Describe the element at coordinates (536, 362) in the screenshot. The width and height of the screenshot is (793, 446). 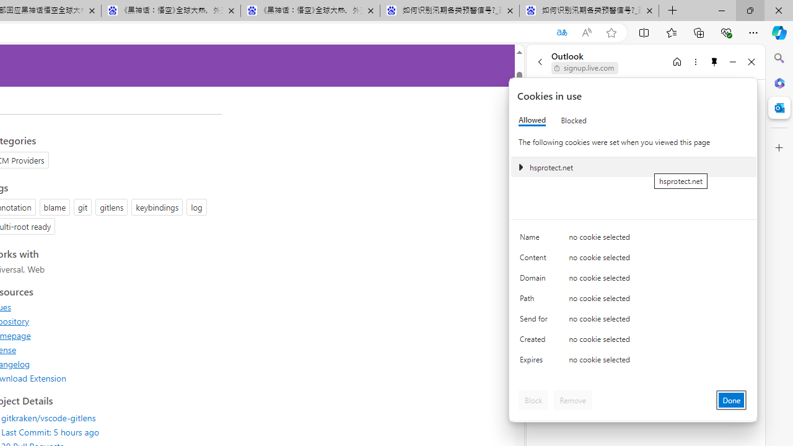
I see `'Expires'` at that location.